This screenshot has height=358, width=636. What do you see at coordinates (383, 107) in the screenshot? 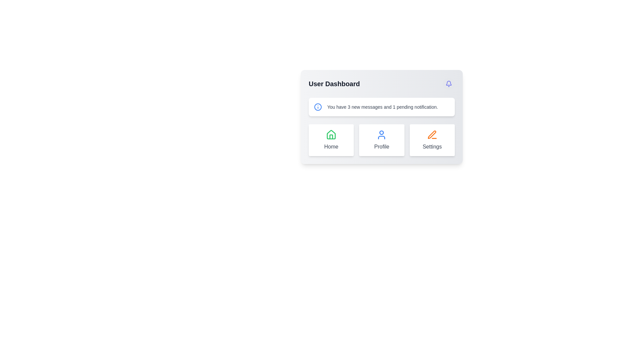
I see `the text block displaying the message 'You have 3 new messages and 1 pending notification.' which is styled with gray color and small font size, located near the blue 'info' icon in the User Dashboard interface` at bounding box center [383, 107].